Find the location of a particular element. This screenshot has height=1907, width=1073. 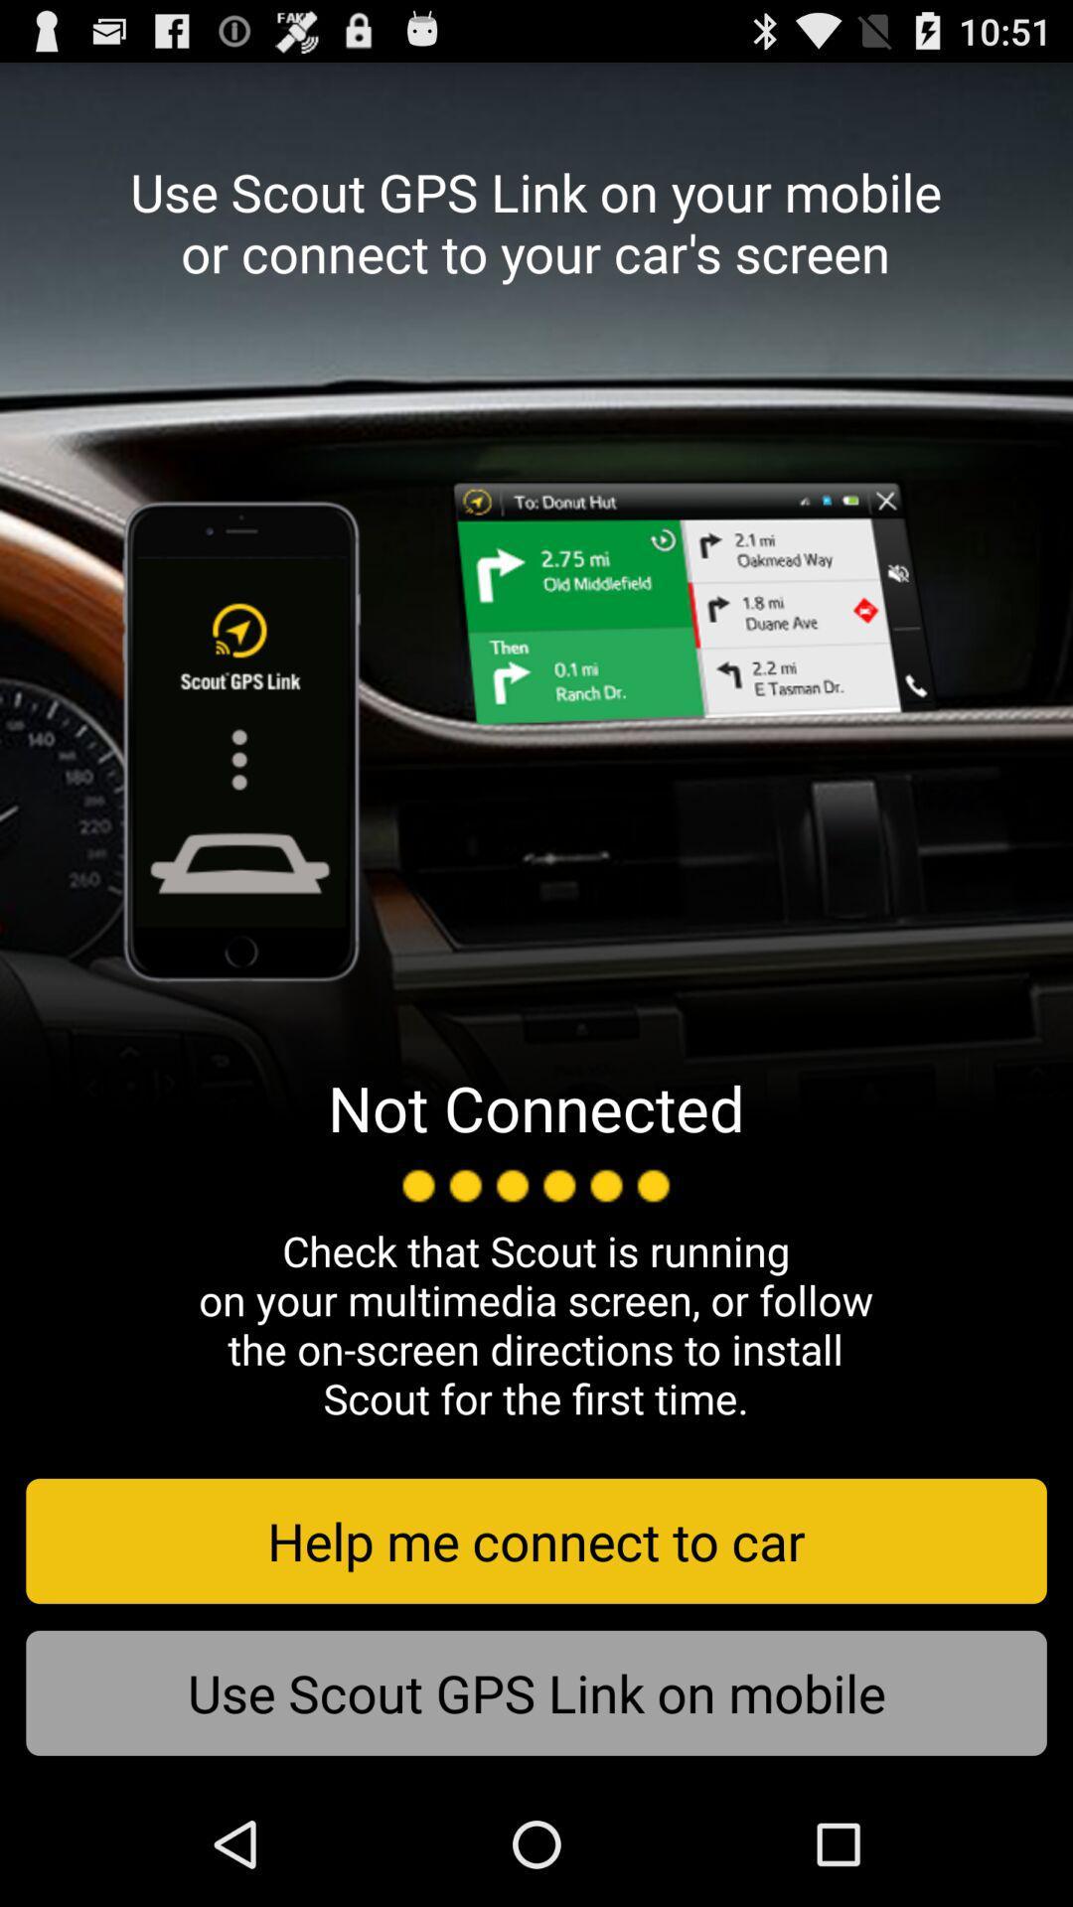

the help me connect button is located at coordinates (536, 1540).